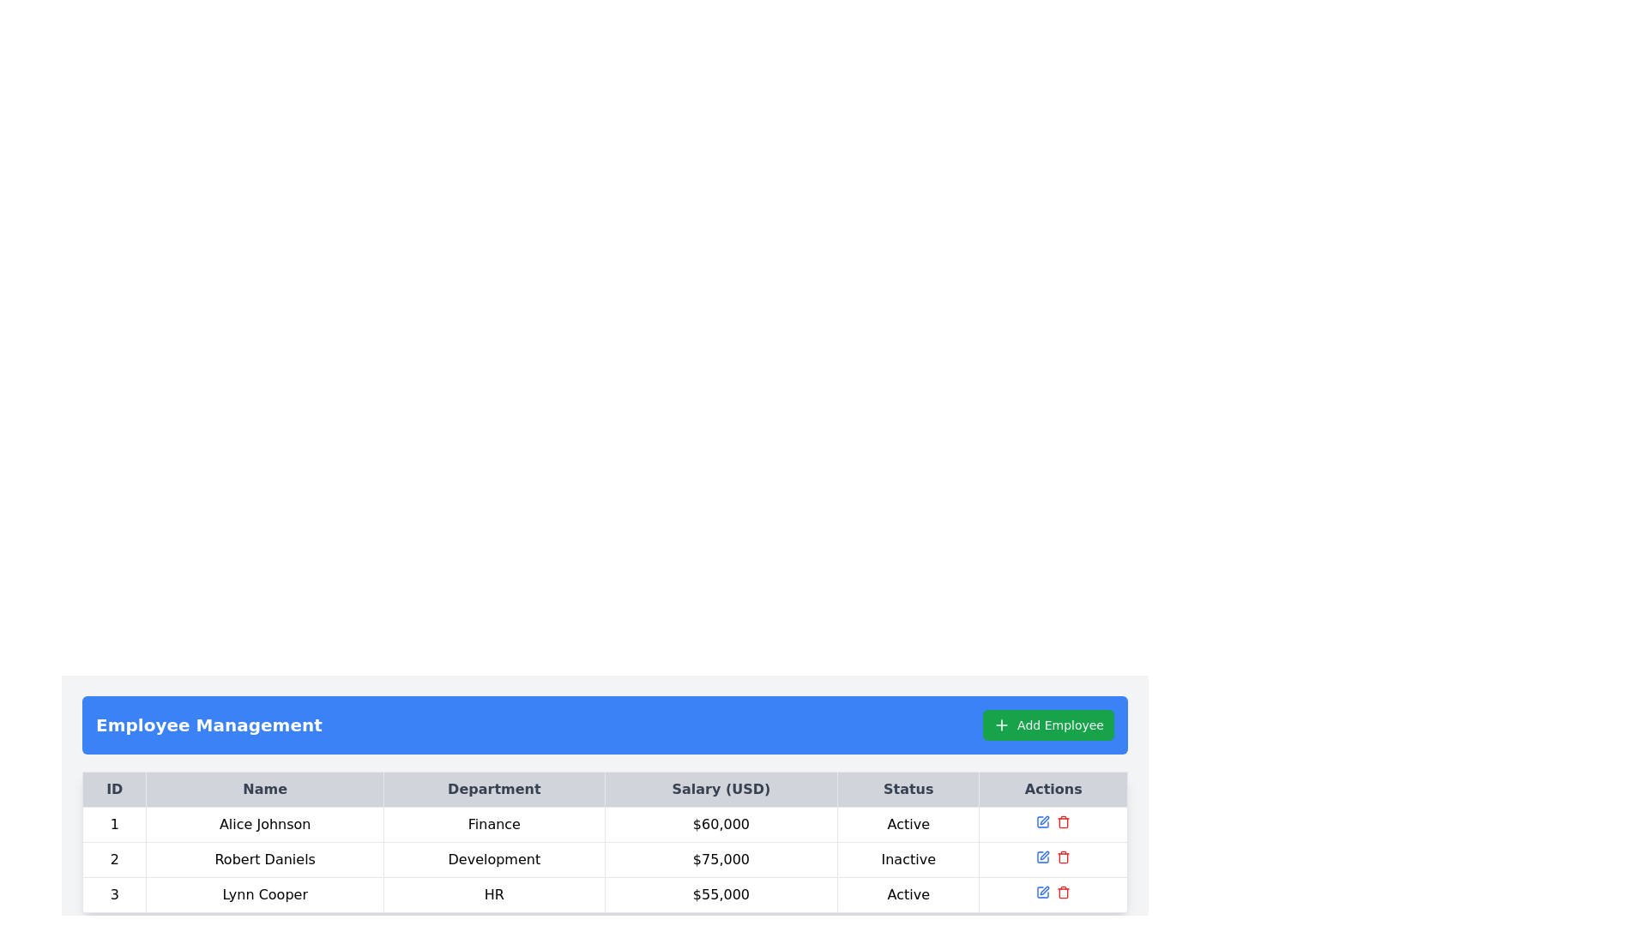 This screenshot has height=926, width=1647. Describe the element at coordinates (208, 725) in the screenshot. I see `the static text label displaying 'Employee Management' in bold and large font, which is positioned within a blue bar at the top of the section` at that location.